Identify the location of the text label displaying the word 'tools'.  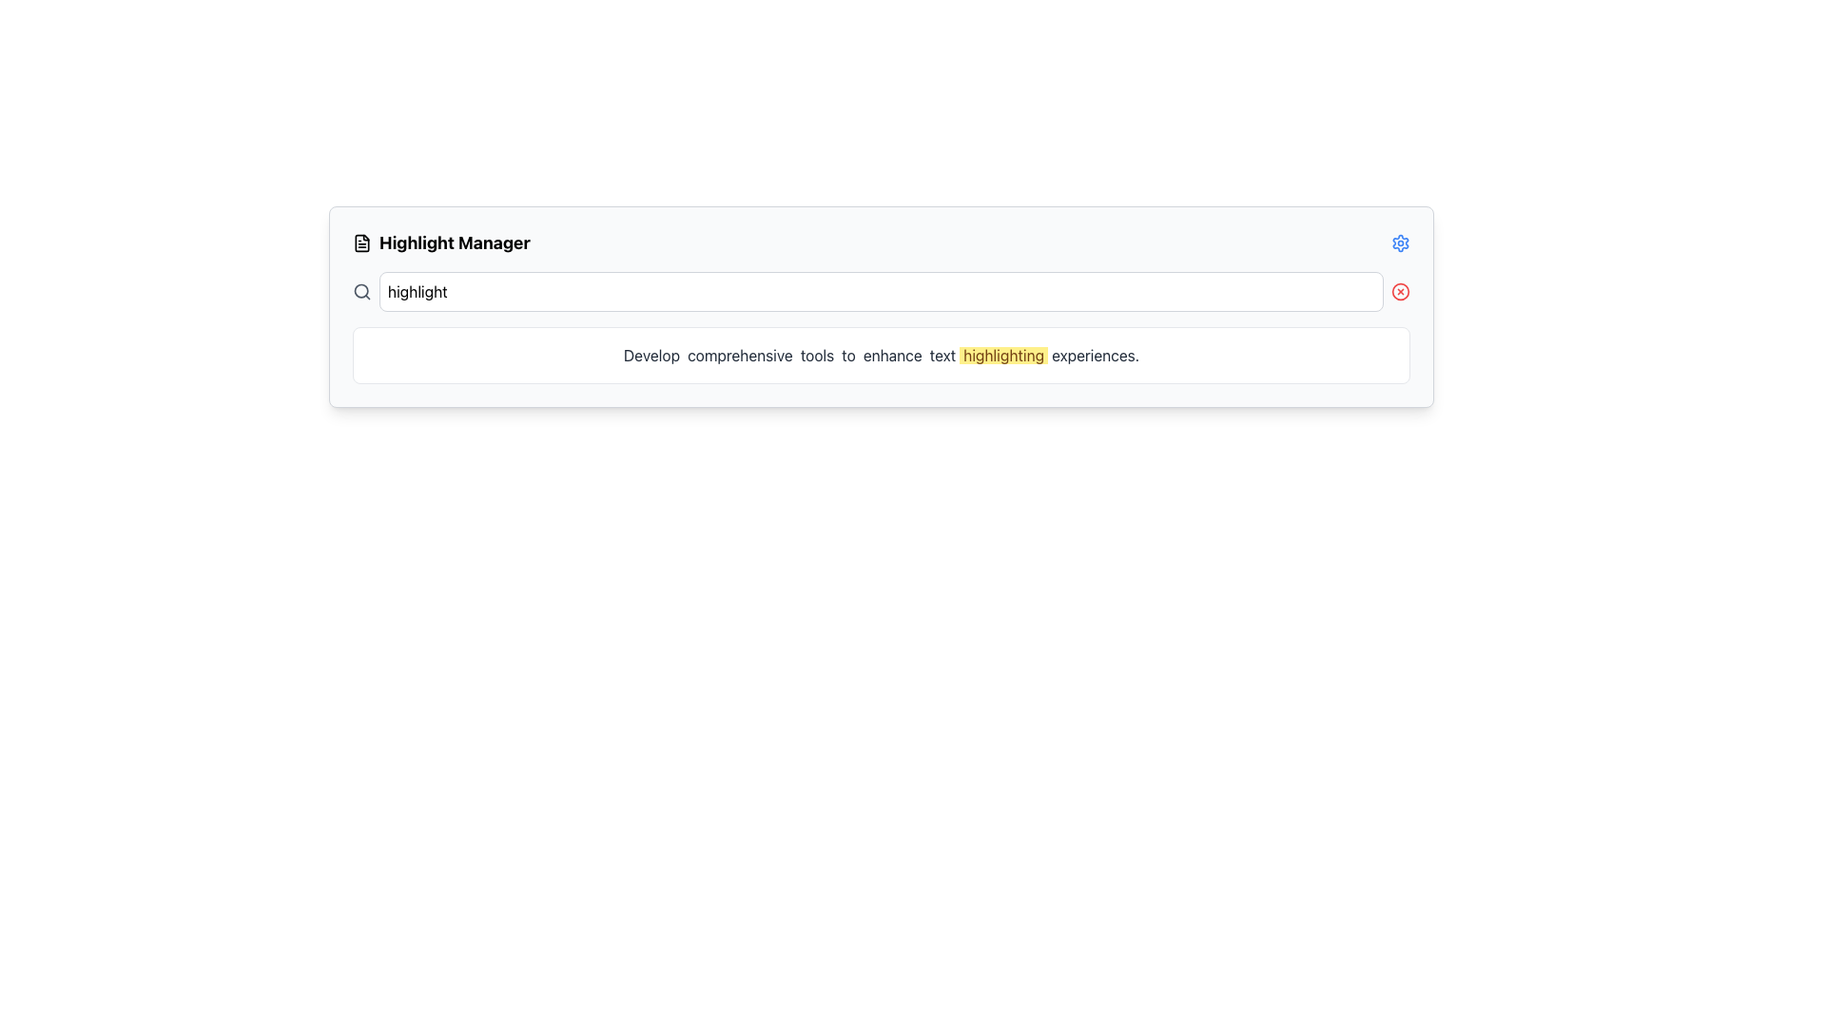
(817, 356).